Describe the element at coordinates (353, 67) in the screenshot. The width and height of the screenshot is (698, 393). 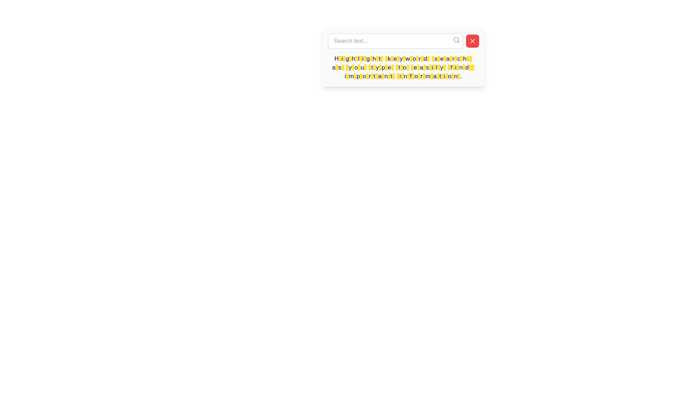
I see `the highlight element` at that location.